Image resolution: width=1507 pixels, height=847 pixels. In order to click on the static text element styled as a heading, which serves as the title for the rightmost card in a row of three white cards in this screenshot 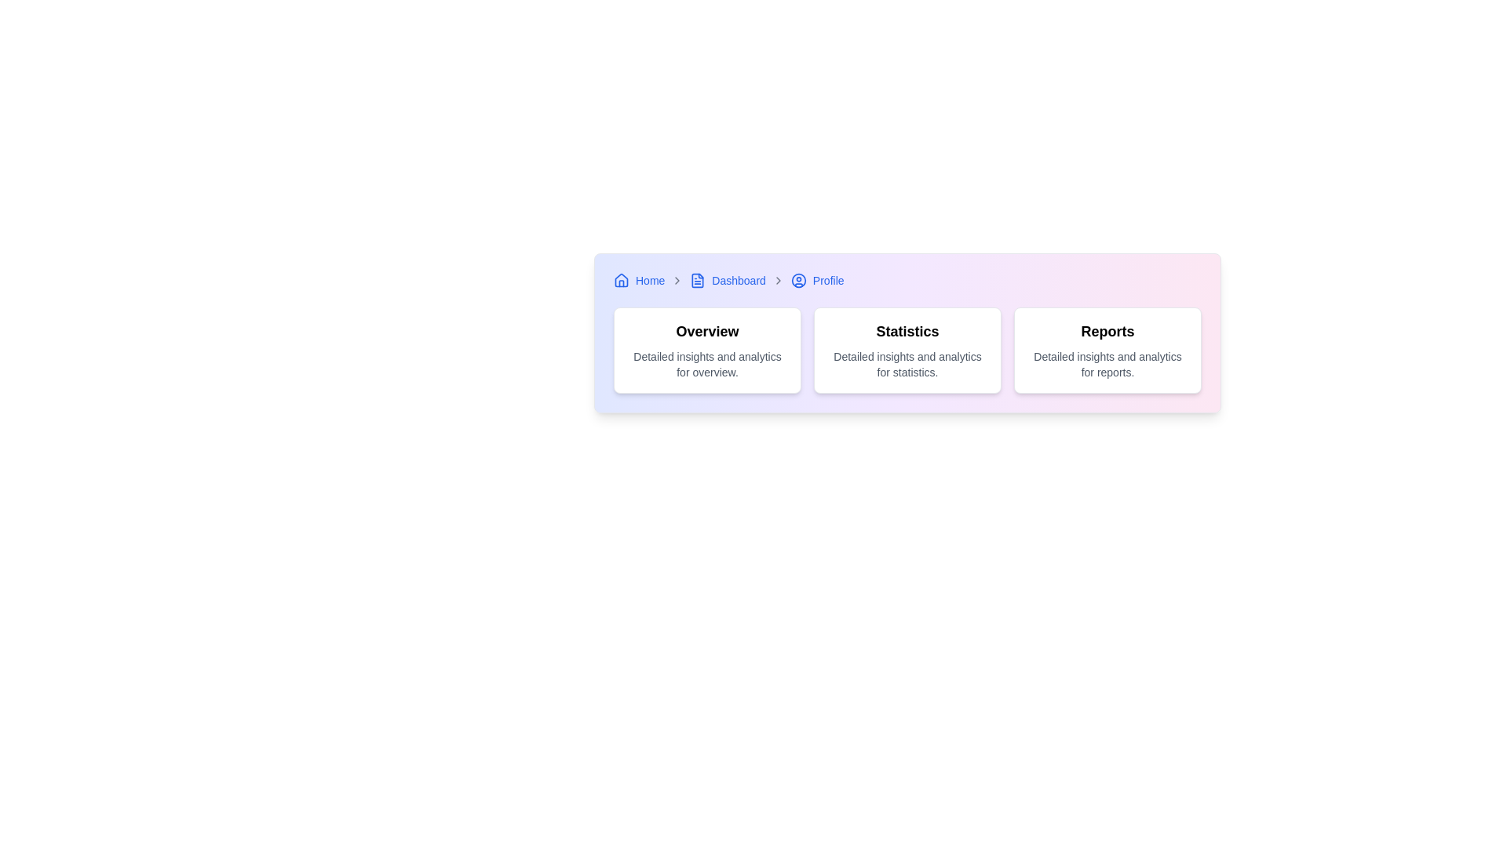, I will do `click(1107, 331)`.